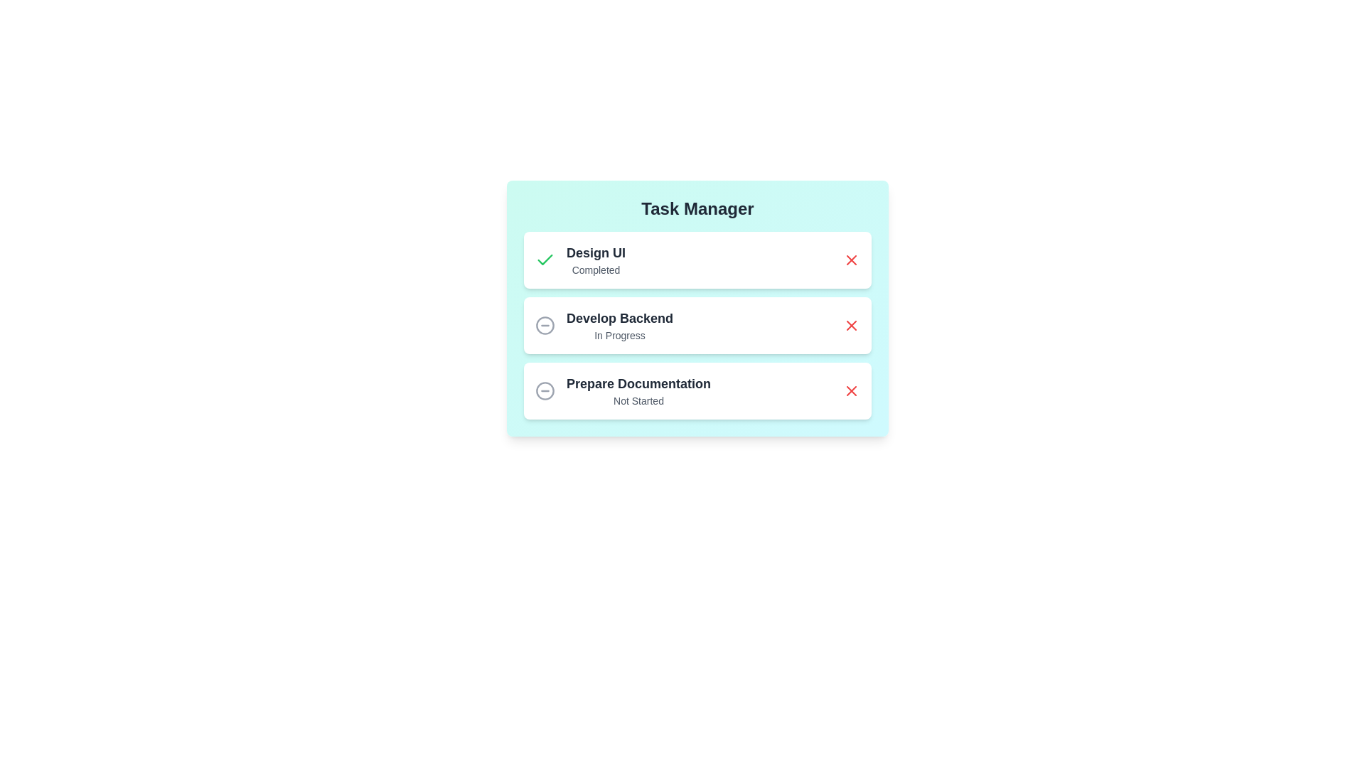 This screenshot has height=768, width=1365. What do you see at coordinates (697, 208) in the screenshot?
I see `the main heading of the component labeled 'Task Manager'` at bounding box center [697, 208].